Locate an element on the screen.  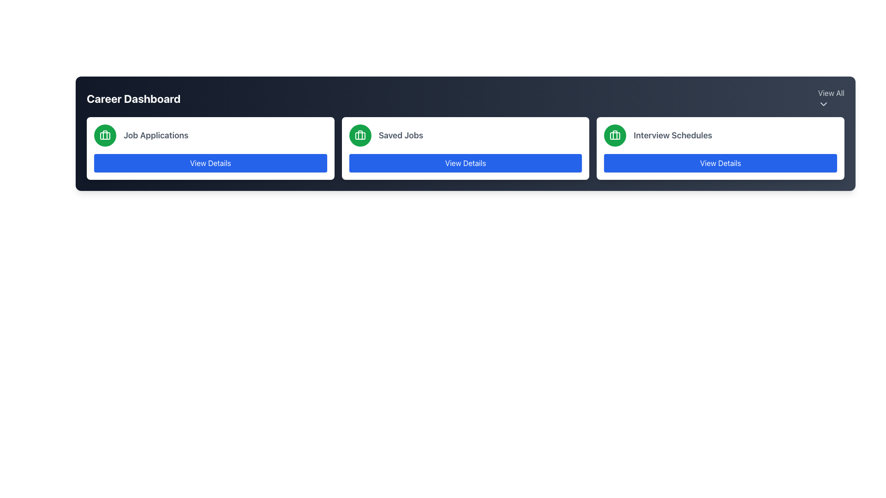
the button located at the bottom of the 'Saved Jobs' section is located at coordinates (465, 163).